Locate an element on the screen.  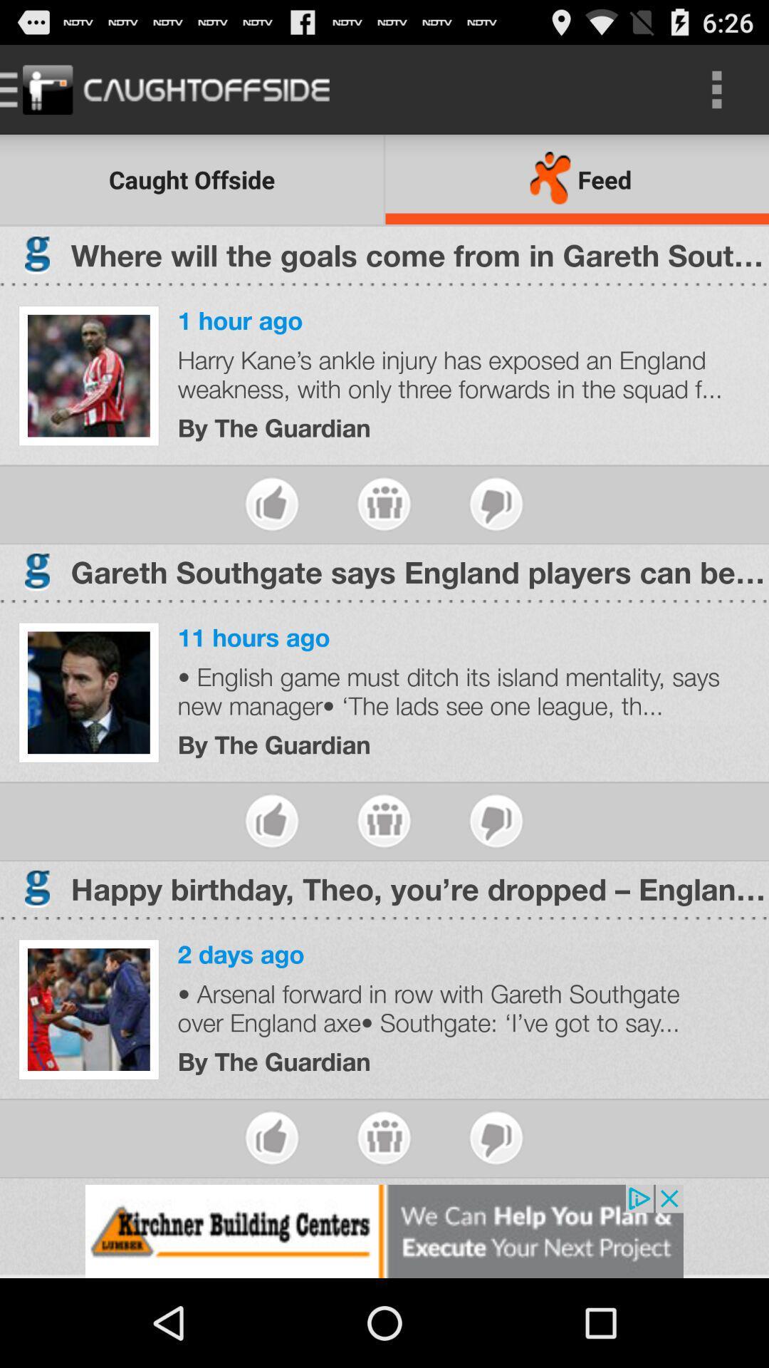
like the article is located at coordinates (272, 1137).